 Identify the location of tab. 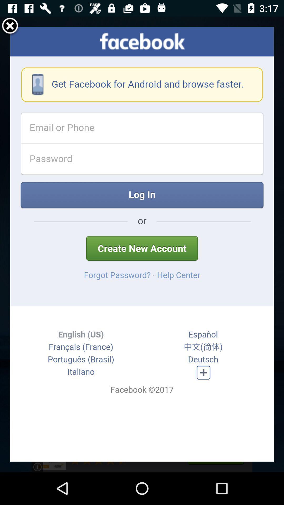
(10, 26).